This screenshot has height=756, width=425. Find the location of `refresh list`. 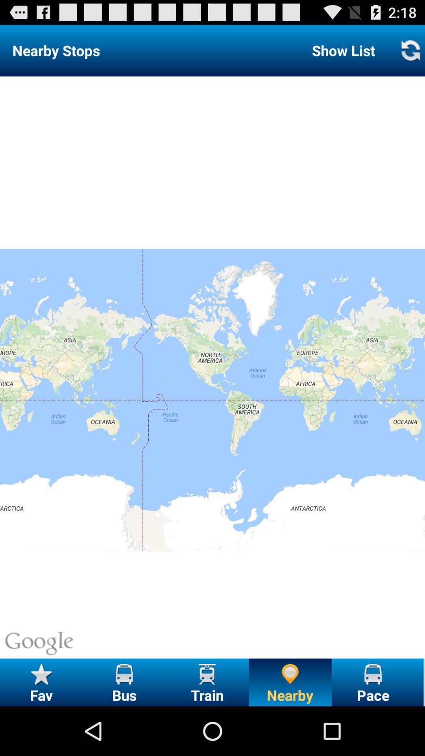

refresh list is located at coordinates (410, 50).